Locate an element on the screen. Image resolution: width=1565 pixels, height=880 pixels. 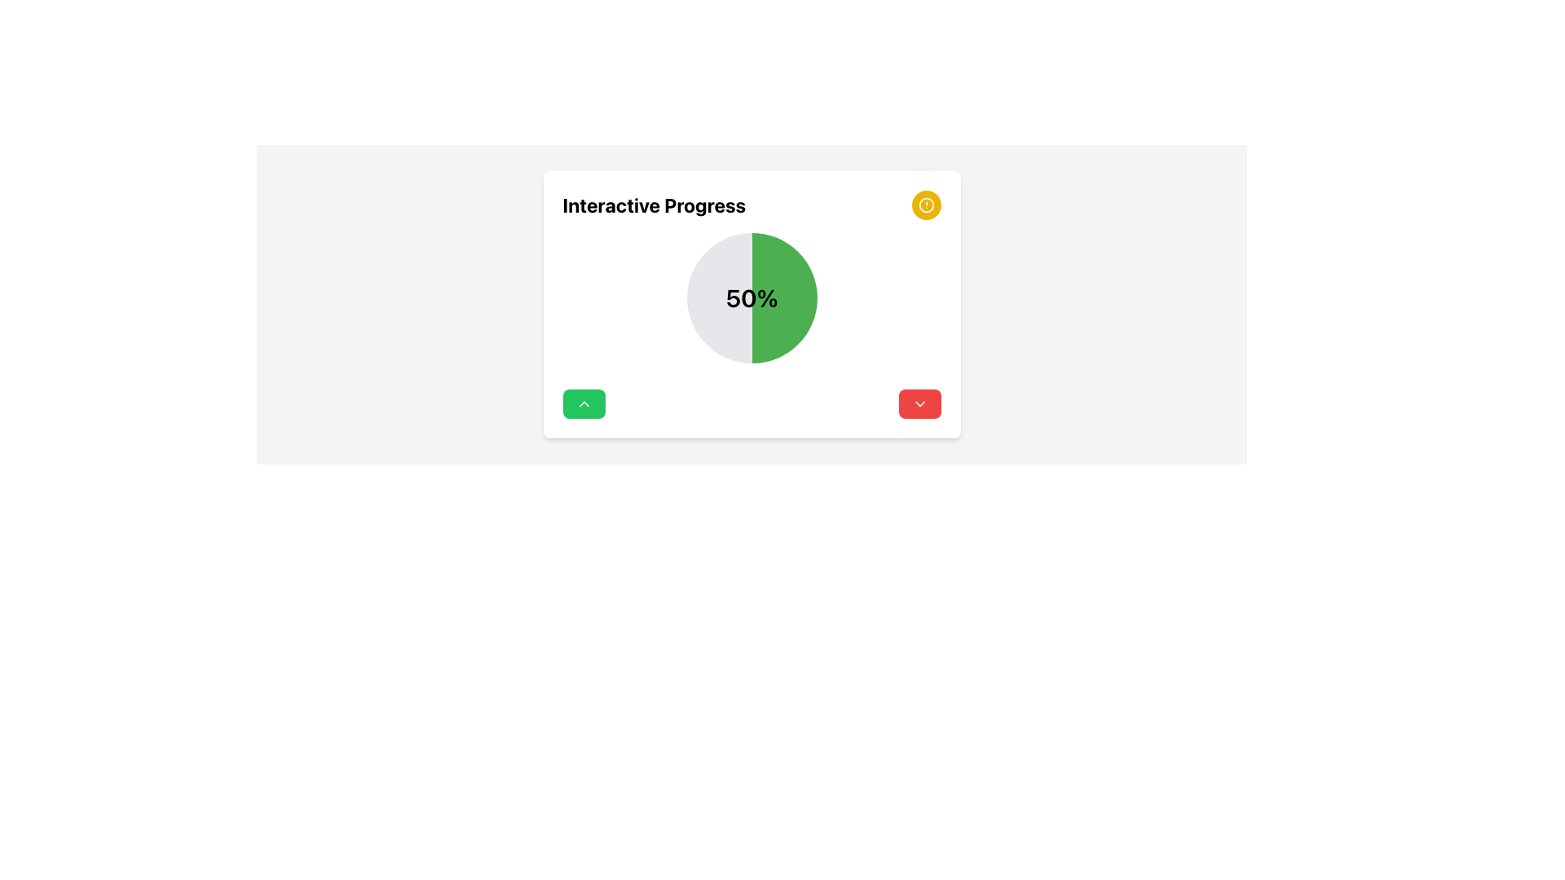
the button in the top-right corner of the 'Interactive Progress' card is located at coordinates (926, 204).